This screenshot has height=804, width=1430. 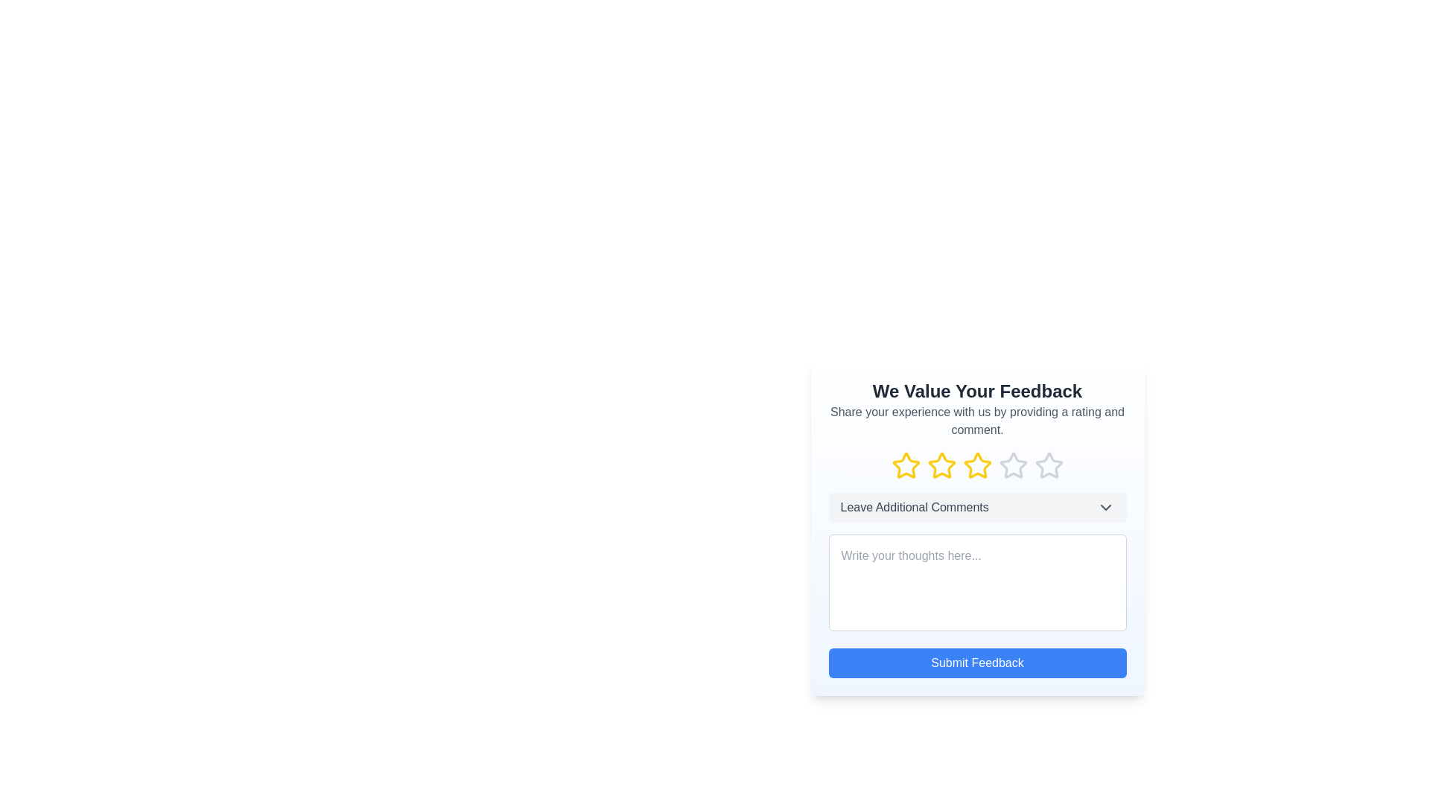 What do you see at coordinates (977, 465) in the screenshot?
I see `the fourth star in the interactive rating icon row to set the rating in the feedback system` at bounding box center [977, 465].